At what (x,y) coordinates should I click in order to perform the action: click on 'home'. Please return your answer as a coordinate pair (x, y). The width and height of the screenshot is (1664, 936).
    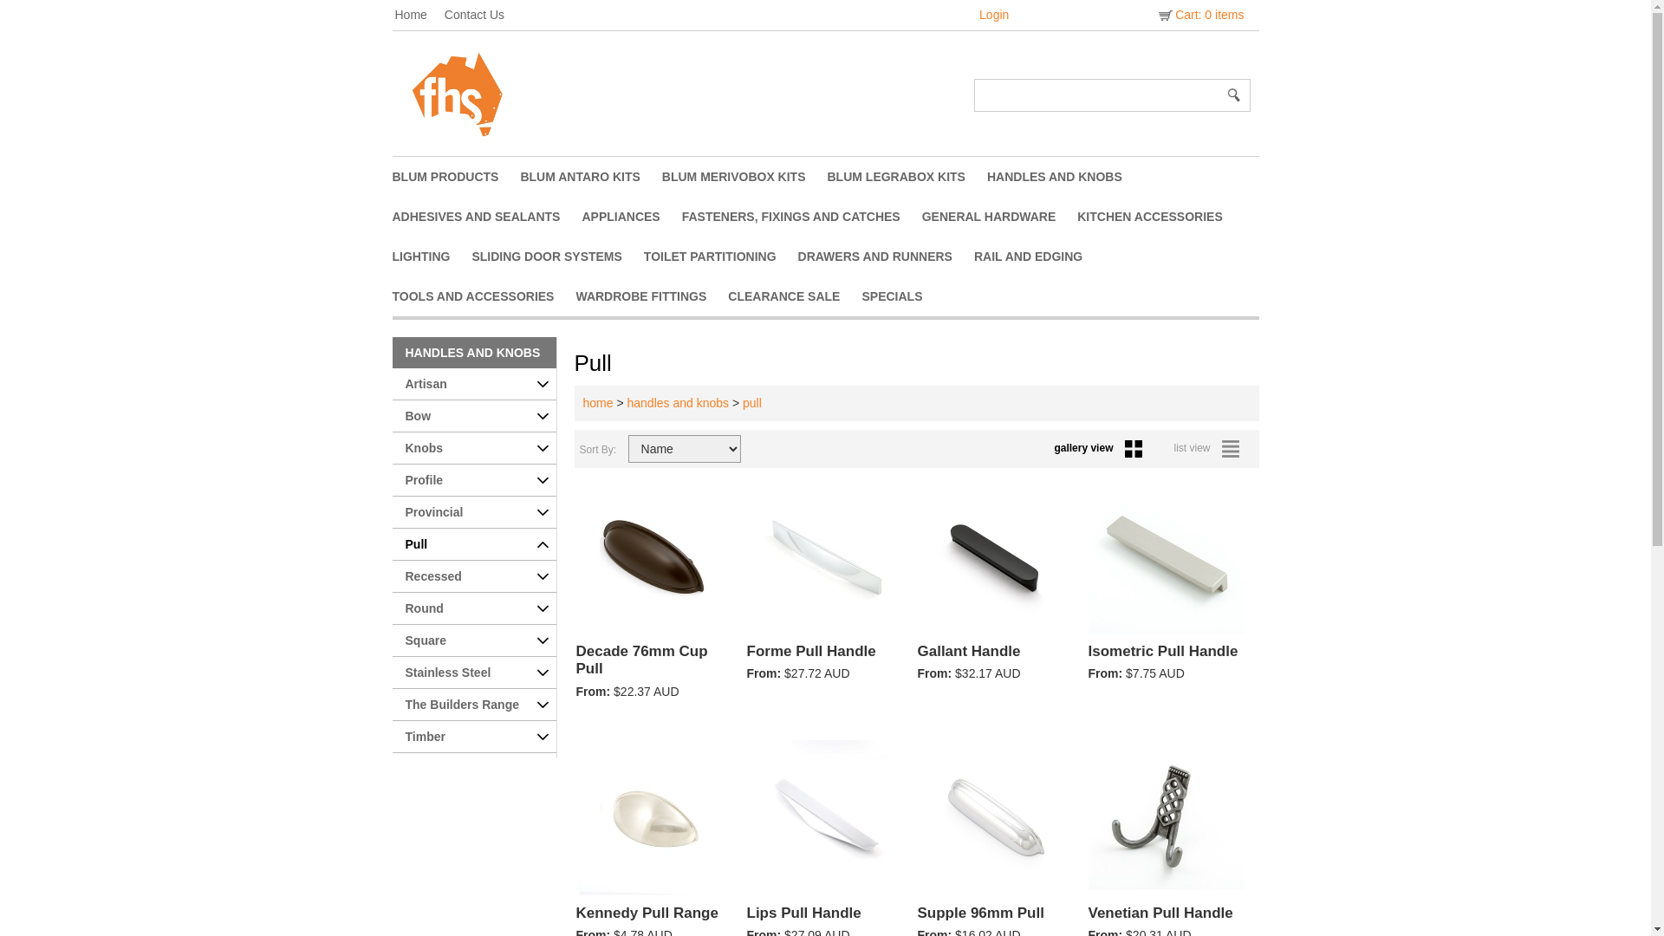
    Looking at the image, I should click on (597, 403).